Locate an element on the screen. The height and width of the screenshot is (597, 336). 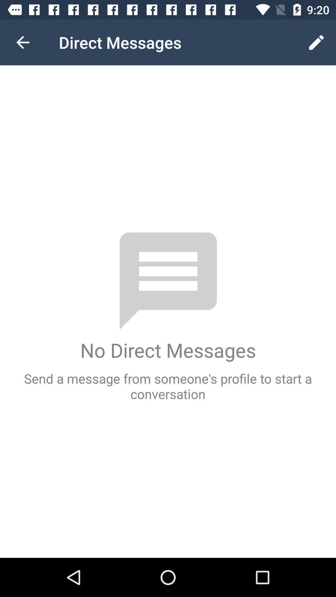
the icon to the left of the direct messages is located at coordinates (22, 42).